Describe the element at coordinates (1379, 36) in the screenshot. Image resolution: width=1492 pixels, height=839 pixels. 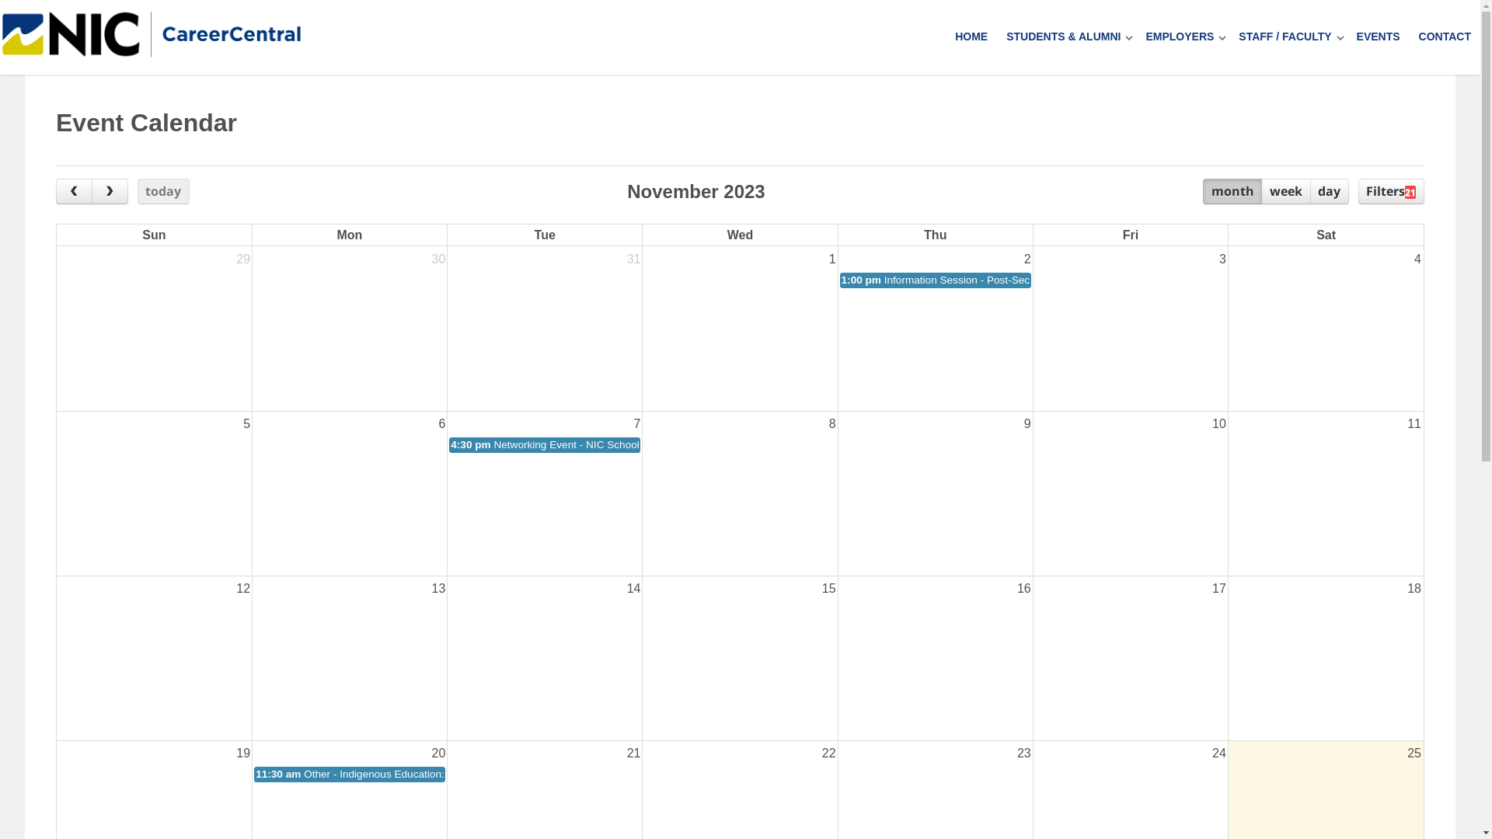
I see `'EVENTS'` at that location.